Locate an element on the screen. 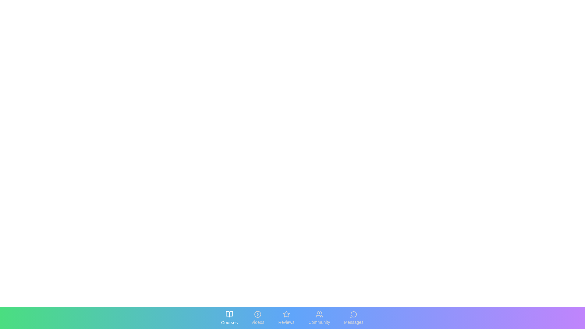 Image resolution: width=585 pixels, height=329 pixels. the tab labeled Courses to reveal its interactive state is located at coordinates (229, 318).